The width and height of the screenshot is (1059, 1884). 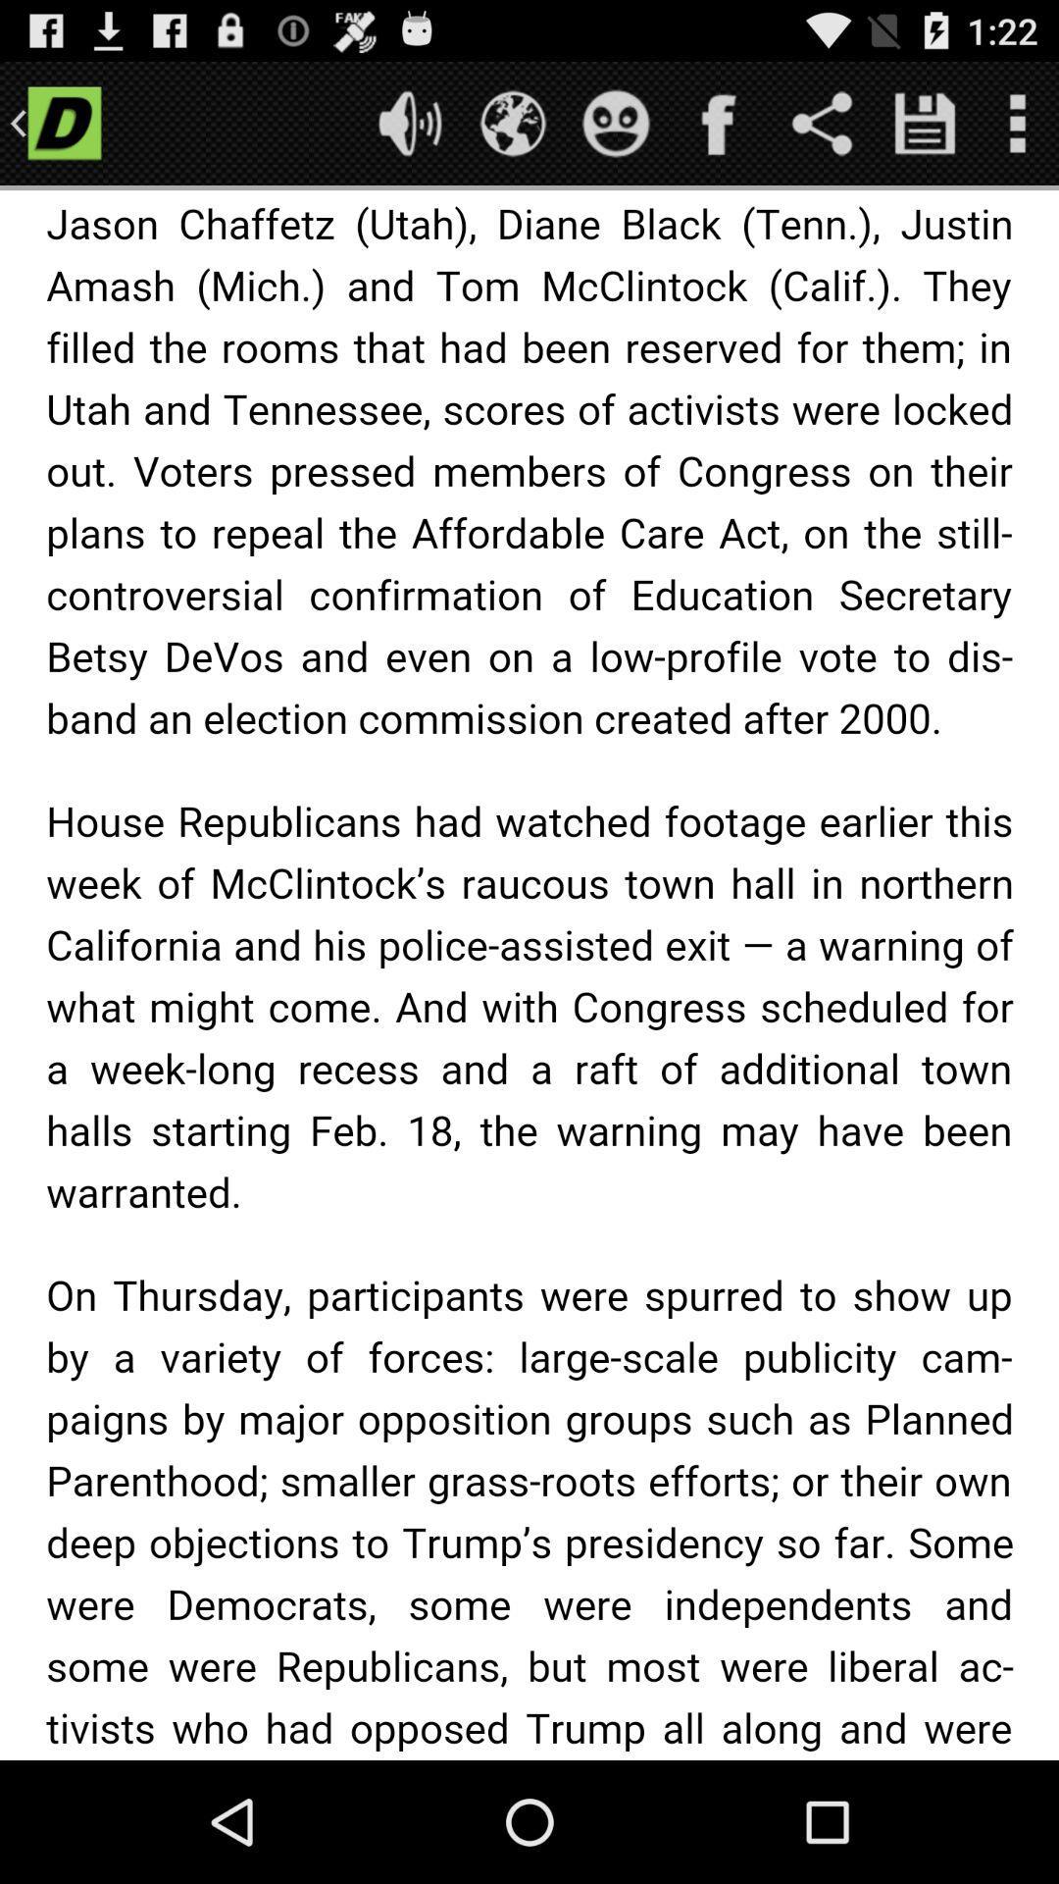 What do you see at coordinates (925, 122) in the screenshot?
I see `option` at bounding box center [925, 122].